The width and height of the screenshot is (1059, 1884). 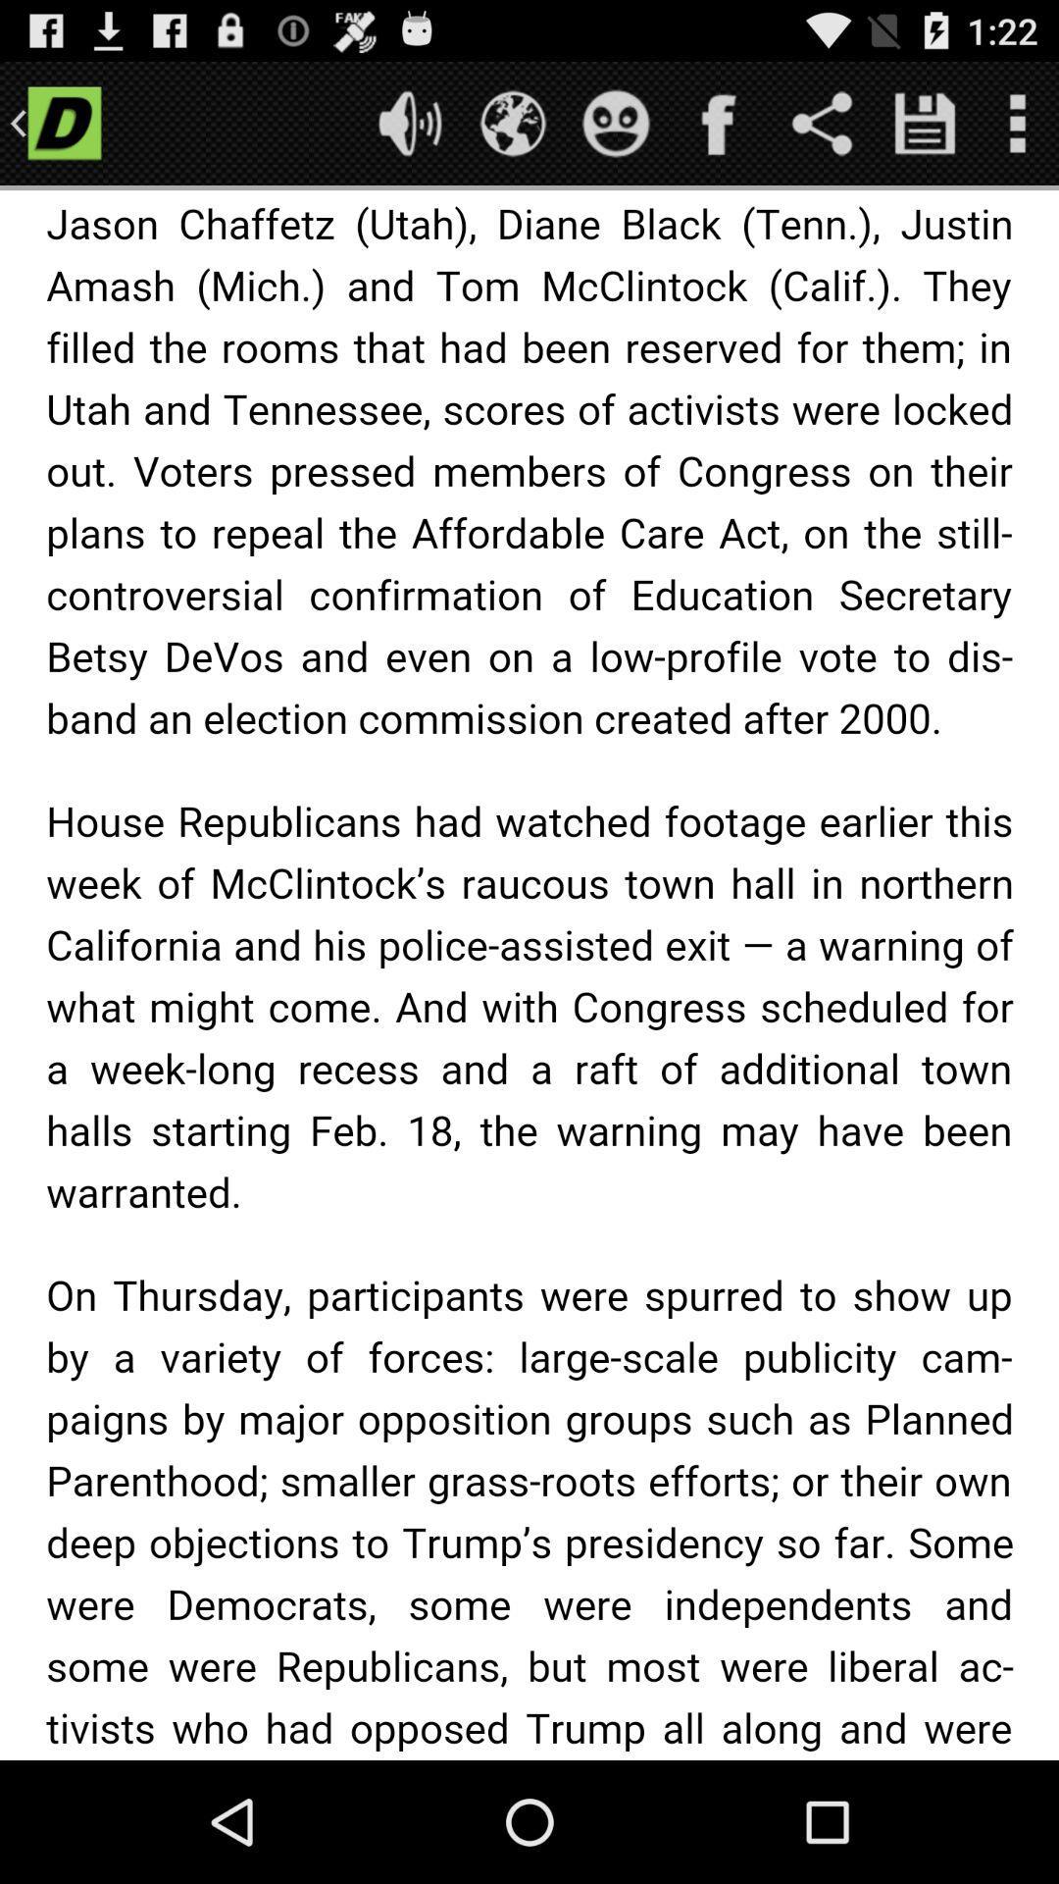 What do you see at coordinates (925, 122) in the screenshot?
I see `option` at bounding box center [925, 122].